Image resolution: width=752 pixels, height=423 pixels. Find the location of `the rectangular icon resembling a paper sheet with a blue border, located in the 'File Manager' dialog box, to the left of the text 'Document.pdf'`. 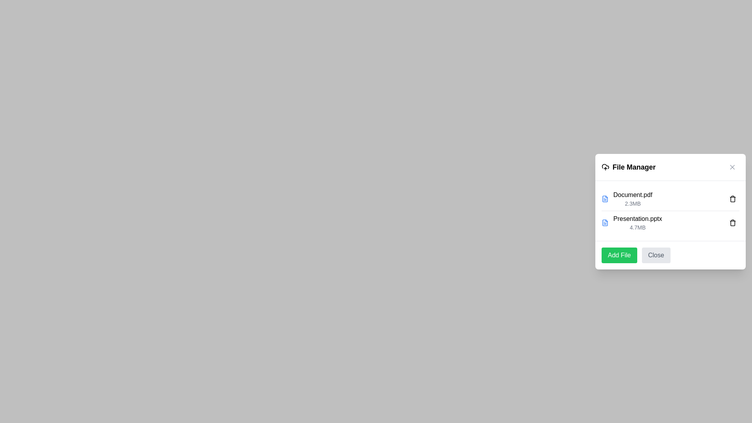

the rectangular icon resembling a paper sheet with a blue border, located in the 'File Manager' dialog box, to the left of the text 'Document.pdf' is located at coordinates (605, 222).